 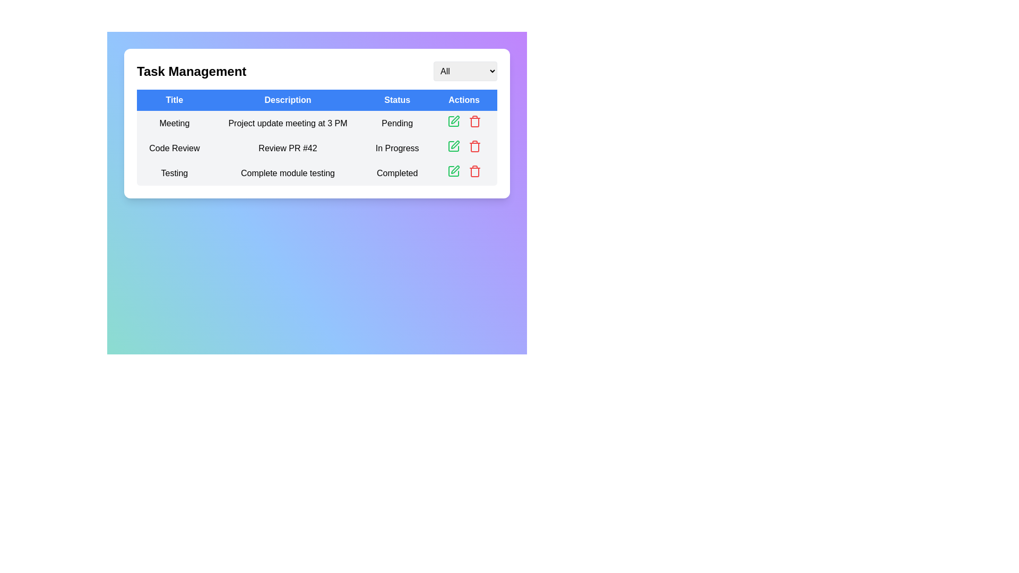 I want to click on the title text labeled 'Task Management', which is styled with a bold font and larger size, located near the top-left corner of the interface, so click(x=192, y=71).